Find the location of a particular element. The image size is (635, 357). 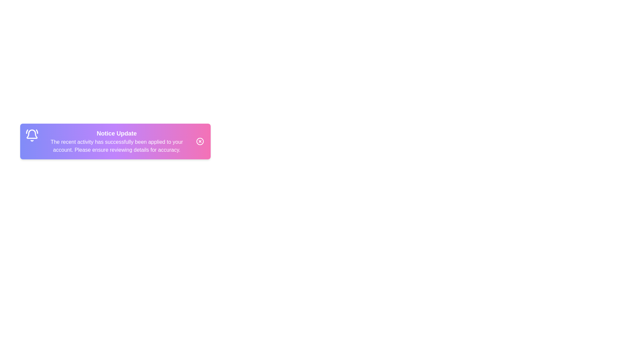

the close button to close the notification is located at coordinates (199, 141).